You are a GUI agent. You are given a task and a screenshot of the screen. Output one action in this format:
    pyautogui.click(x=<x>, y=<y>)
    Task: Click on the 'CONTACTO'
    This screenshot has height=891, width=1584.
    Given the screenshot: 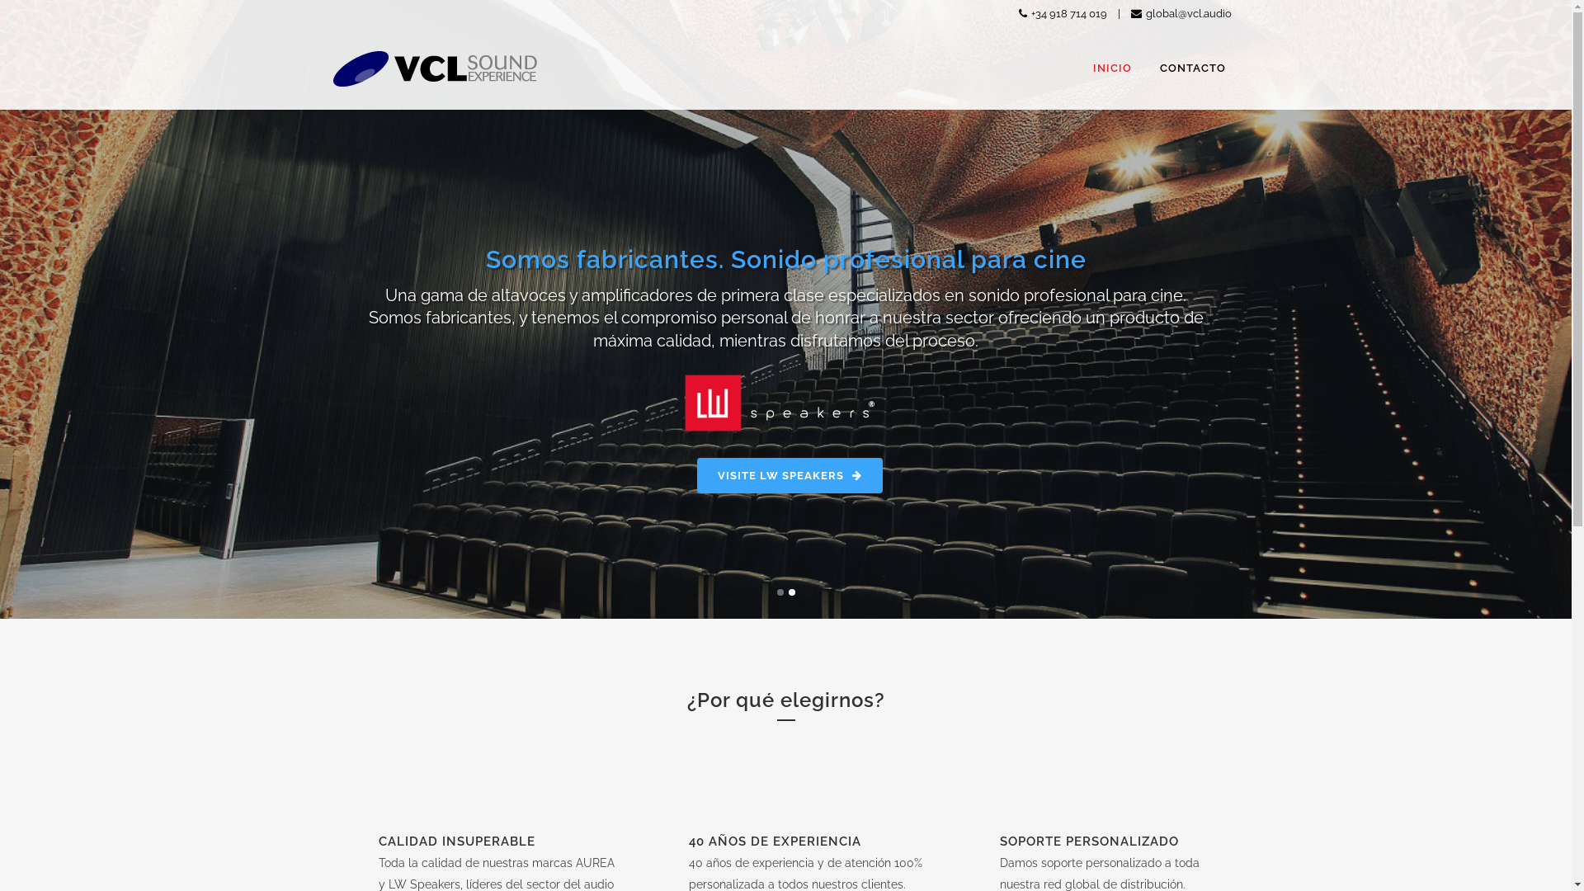 What is the action you would take?
    pyautogui.click(x=1191, y=68)
    